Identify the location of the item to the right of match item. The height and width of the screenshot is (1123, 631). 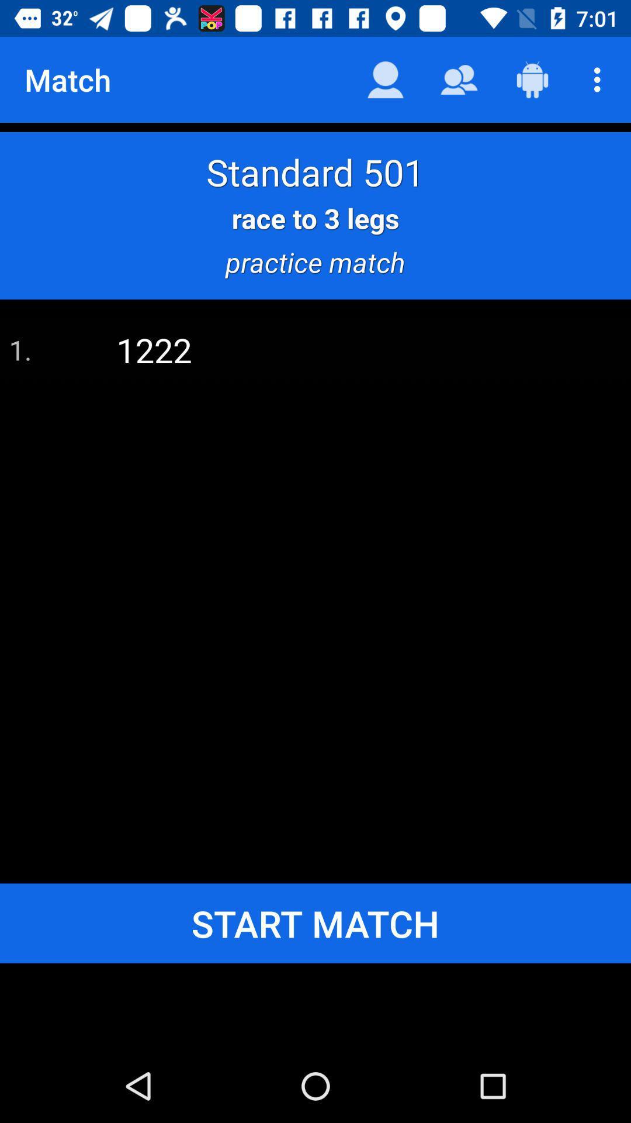
(385, 79).